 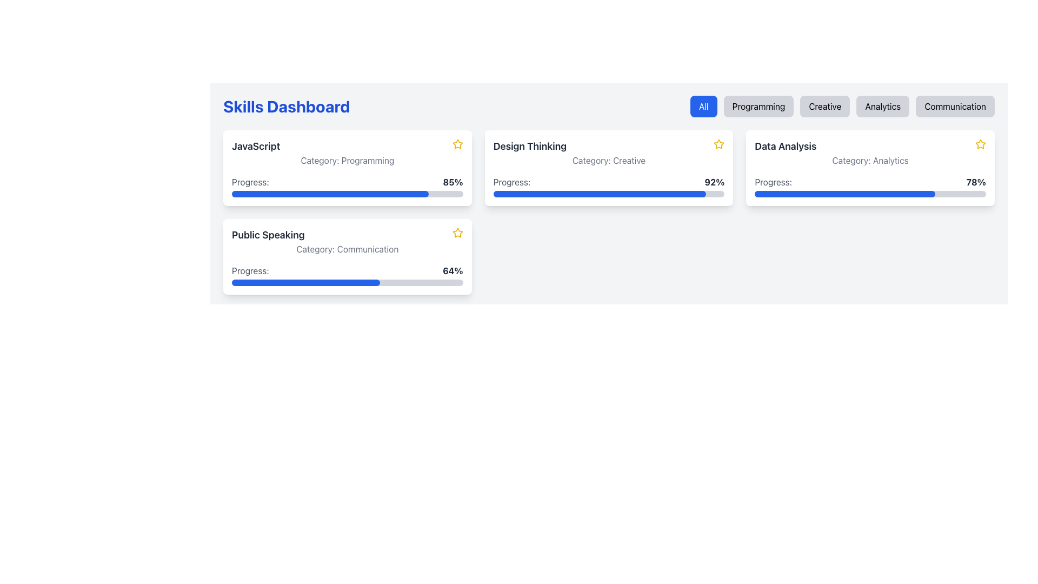 What do you see at coordinates (347, 249) in the screenshot?
I see `the text label styled in gray that contains the phrase 'Category: Communication', positioned beneath the title 'Public Speaking' within a card-like structure` at bounding box center [347, 249].